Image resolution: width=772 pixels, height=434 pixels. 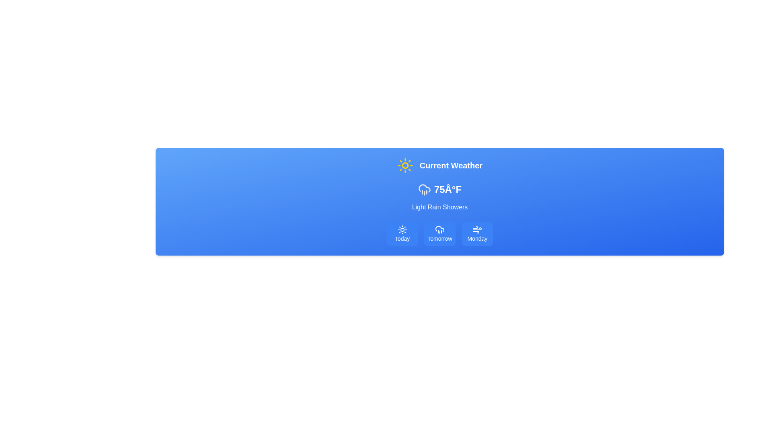 What do you see at coordinates (402, 238) in the screenshot?
I see `the static text label within the button component at the bottom of the weather card interface` at bounding box center [402, 238].